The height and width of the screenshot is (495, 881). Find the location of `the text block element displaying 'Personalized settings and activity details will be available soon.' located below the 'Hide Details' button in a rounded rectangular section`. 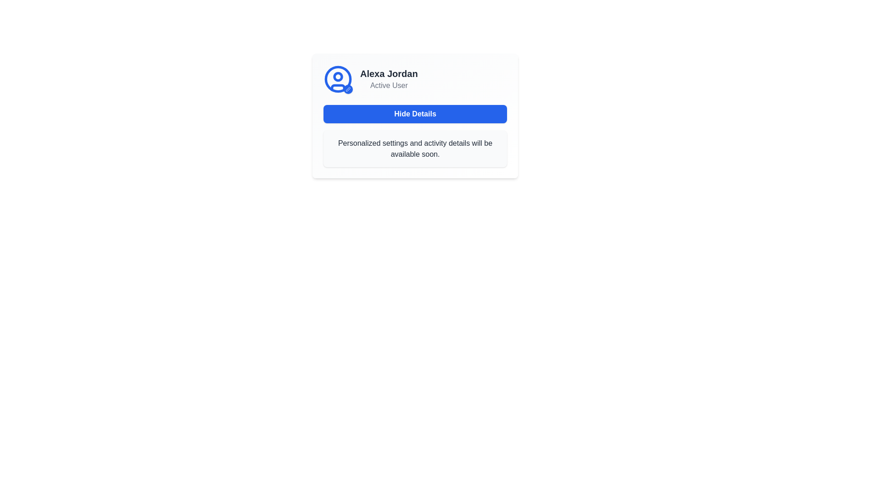

the text block element displaying 'Personalized settings and activity details will be available soon.' located below the 'Hide Details' button in a rounded rectangular section is located at coordinates (415, 148).